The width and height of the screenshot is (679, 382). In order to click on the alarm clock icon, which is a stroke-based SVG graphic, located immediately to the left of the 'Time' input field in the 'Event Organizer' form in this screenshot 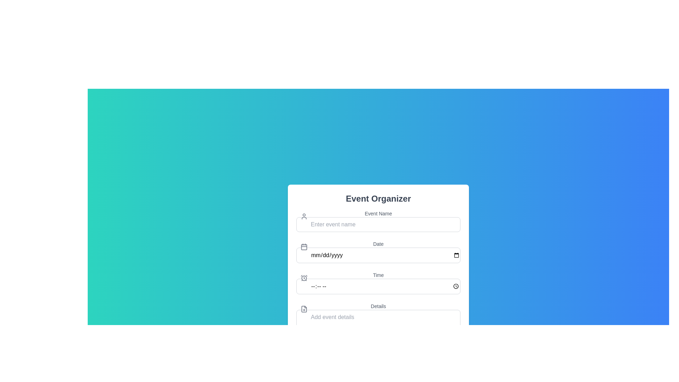, I will do `click(304, 277)`.